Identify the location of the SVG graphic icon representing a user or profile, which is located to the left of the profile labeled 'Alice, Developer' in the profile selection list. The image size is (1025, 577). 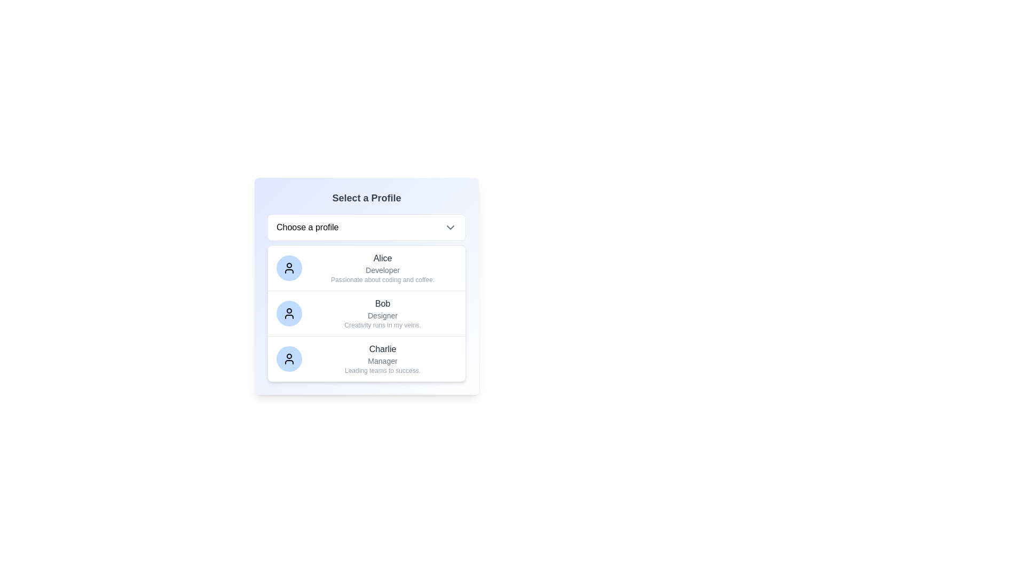
(289, 313).